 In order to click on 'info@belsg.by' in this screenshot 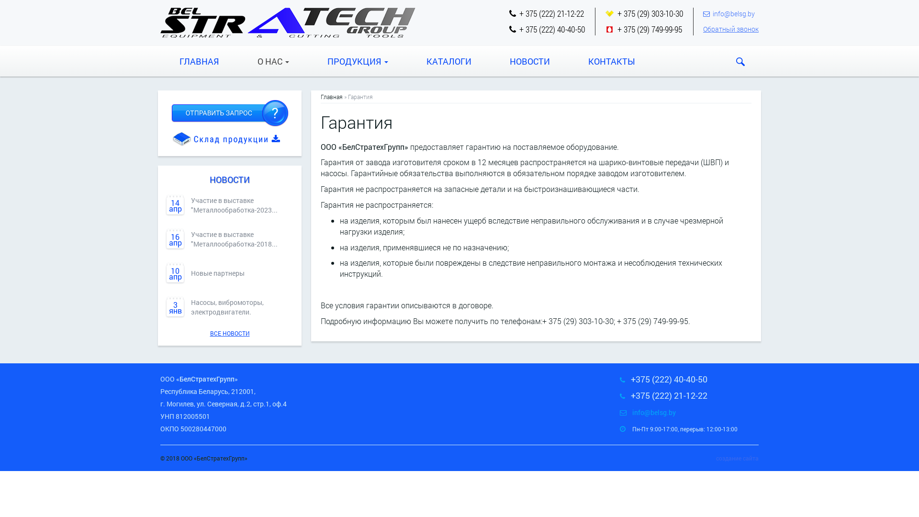, I will do `click(653, 412)`.